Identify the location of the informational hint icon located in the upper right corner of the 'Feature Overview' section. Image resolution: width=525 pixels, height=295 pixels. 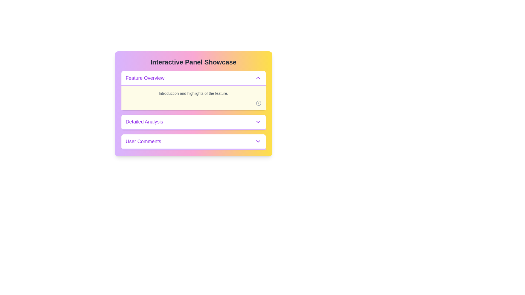
(258, 103).